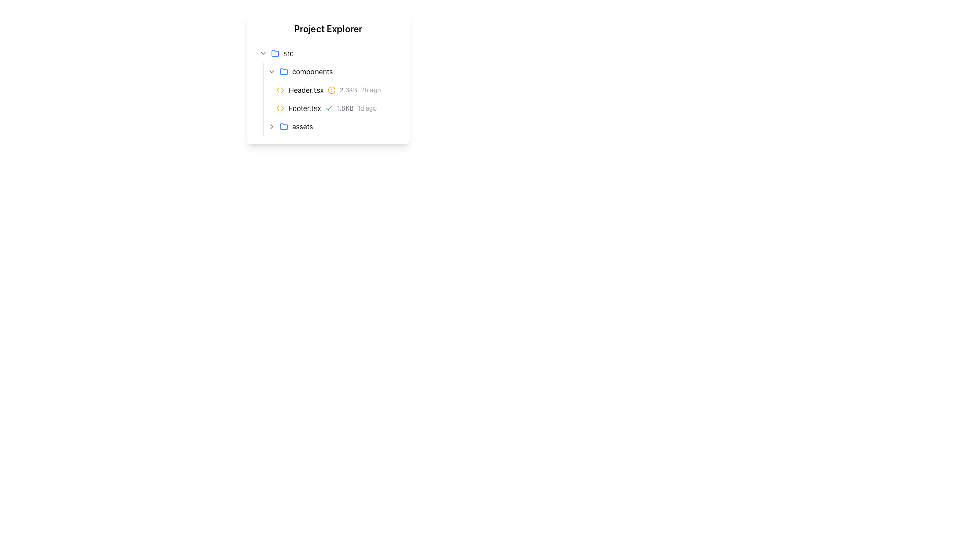 The height and width of the screenshot is (550, 977). Describe the element at coordinates (354, 90) in the screenshot. I see `the File metadata display, which consists of an alert icon with a yellow outline and exclamation mark, followed by the text '2.3KB' and '2h ago', located in the components folder under Header.tsx` at that location.